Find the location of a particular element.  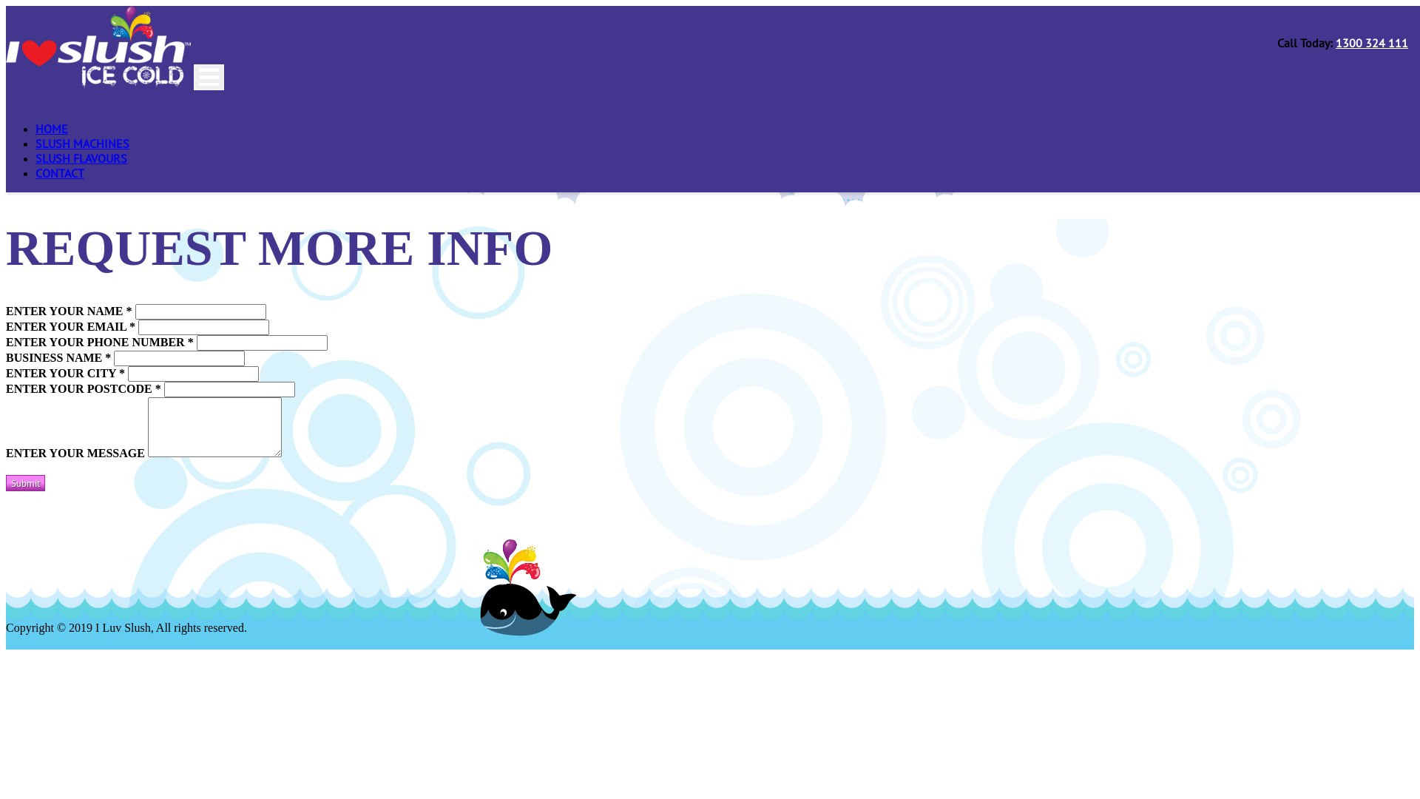

'Submit' is located at coordinates (6, 482).